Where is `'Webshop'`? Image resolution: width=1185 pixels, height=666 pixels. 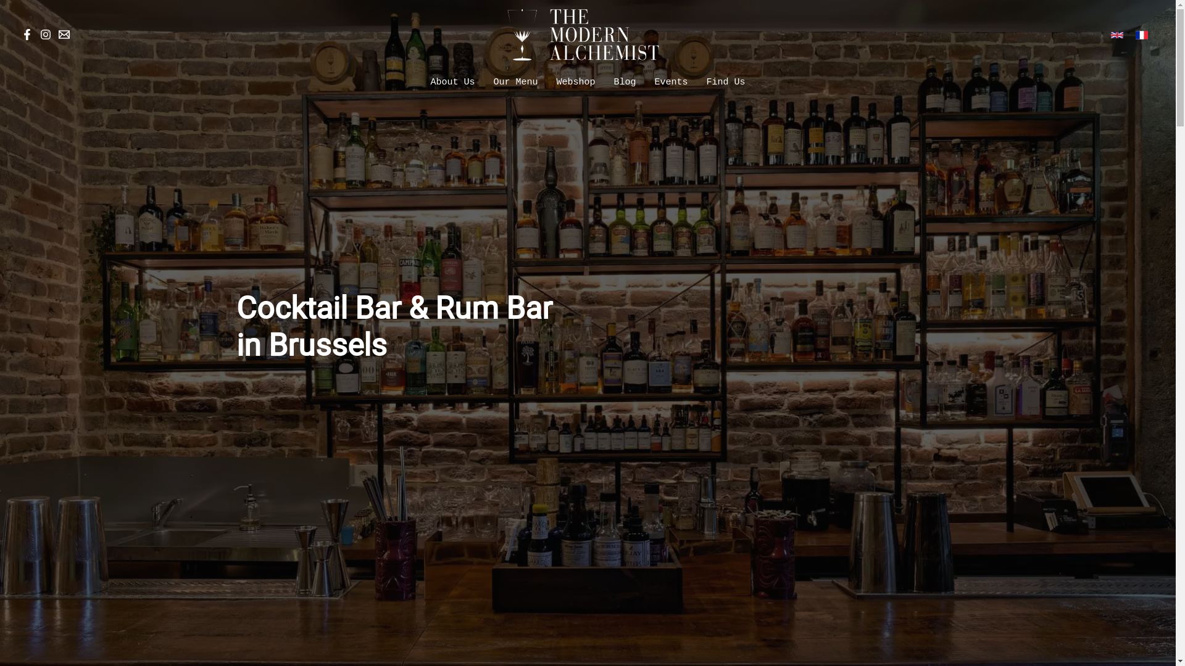
'Webshop' is located at coordinates (575, 82).